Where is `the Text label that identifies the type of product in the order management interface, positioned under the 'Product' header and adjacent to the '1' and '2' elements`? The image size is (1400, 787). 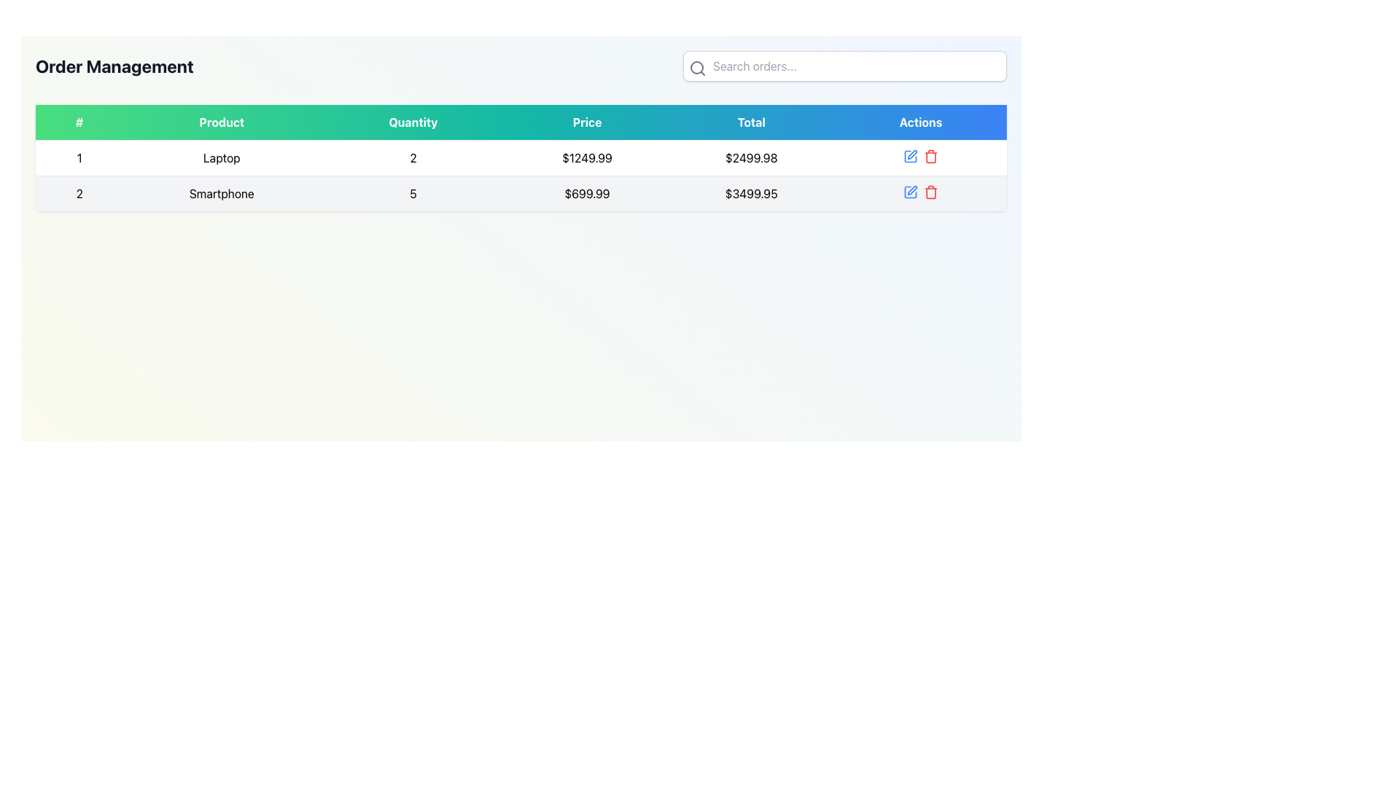
the Text label that identifies the type of product in the order management interface, positioned under the 'Product' header and adjacent to the '1' and '2' elements is located at coordinates (221, 157).